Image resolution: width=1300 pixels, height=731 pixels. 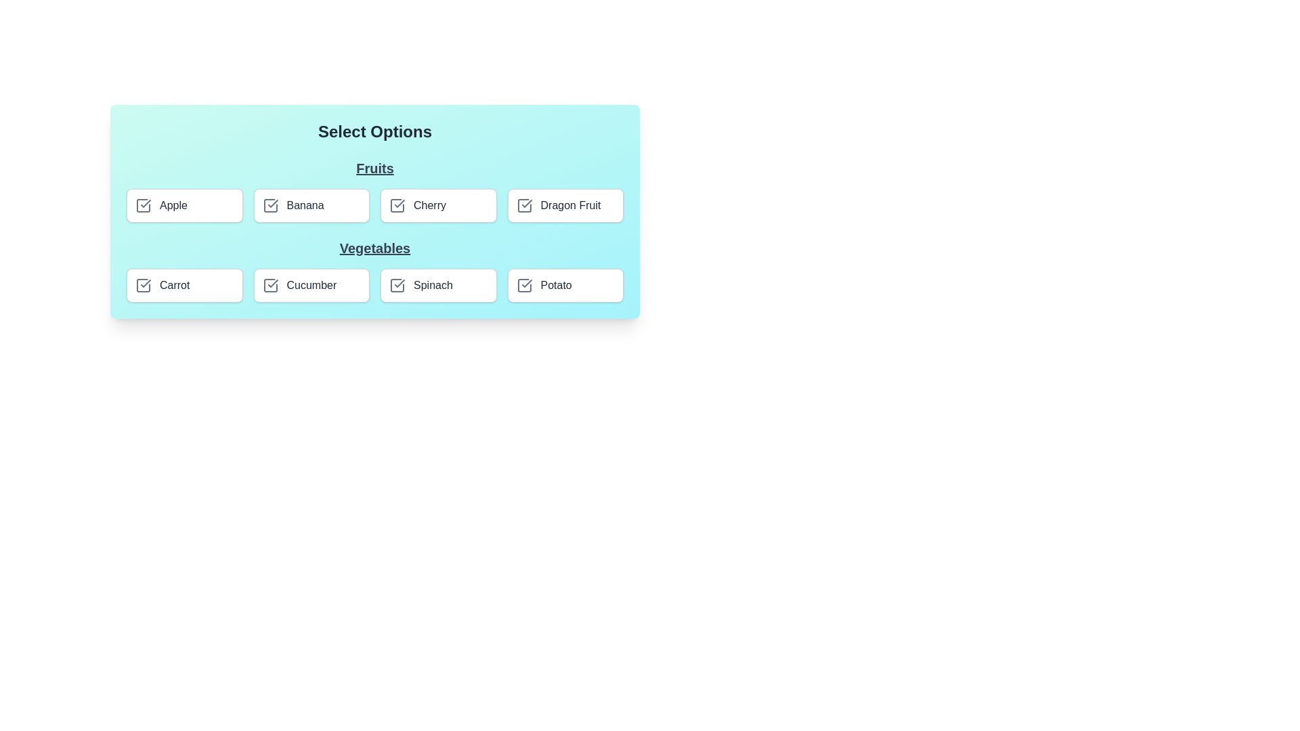 I want to click on text content of the label that represents the option 'Apple', which is located next to the checkbox in the 'Fruits' group, so click(x=173, y=206).